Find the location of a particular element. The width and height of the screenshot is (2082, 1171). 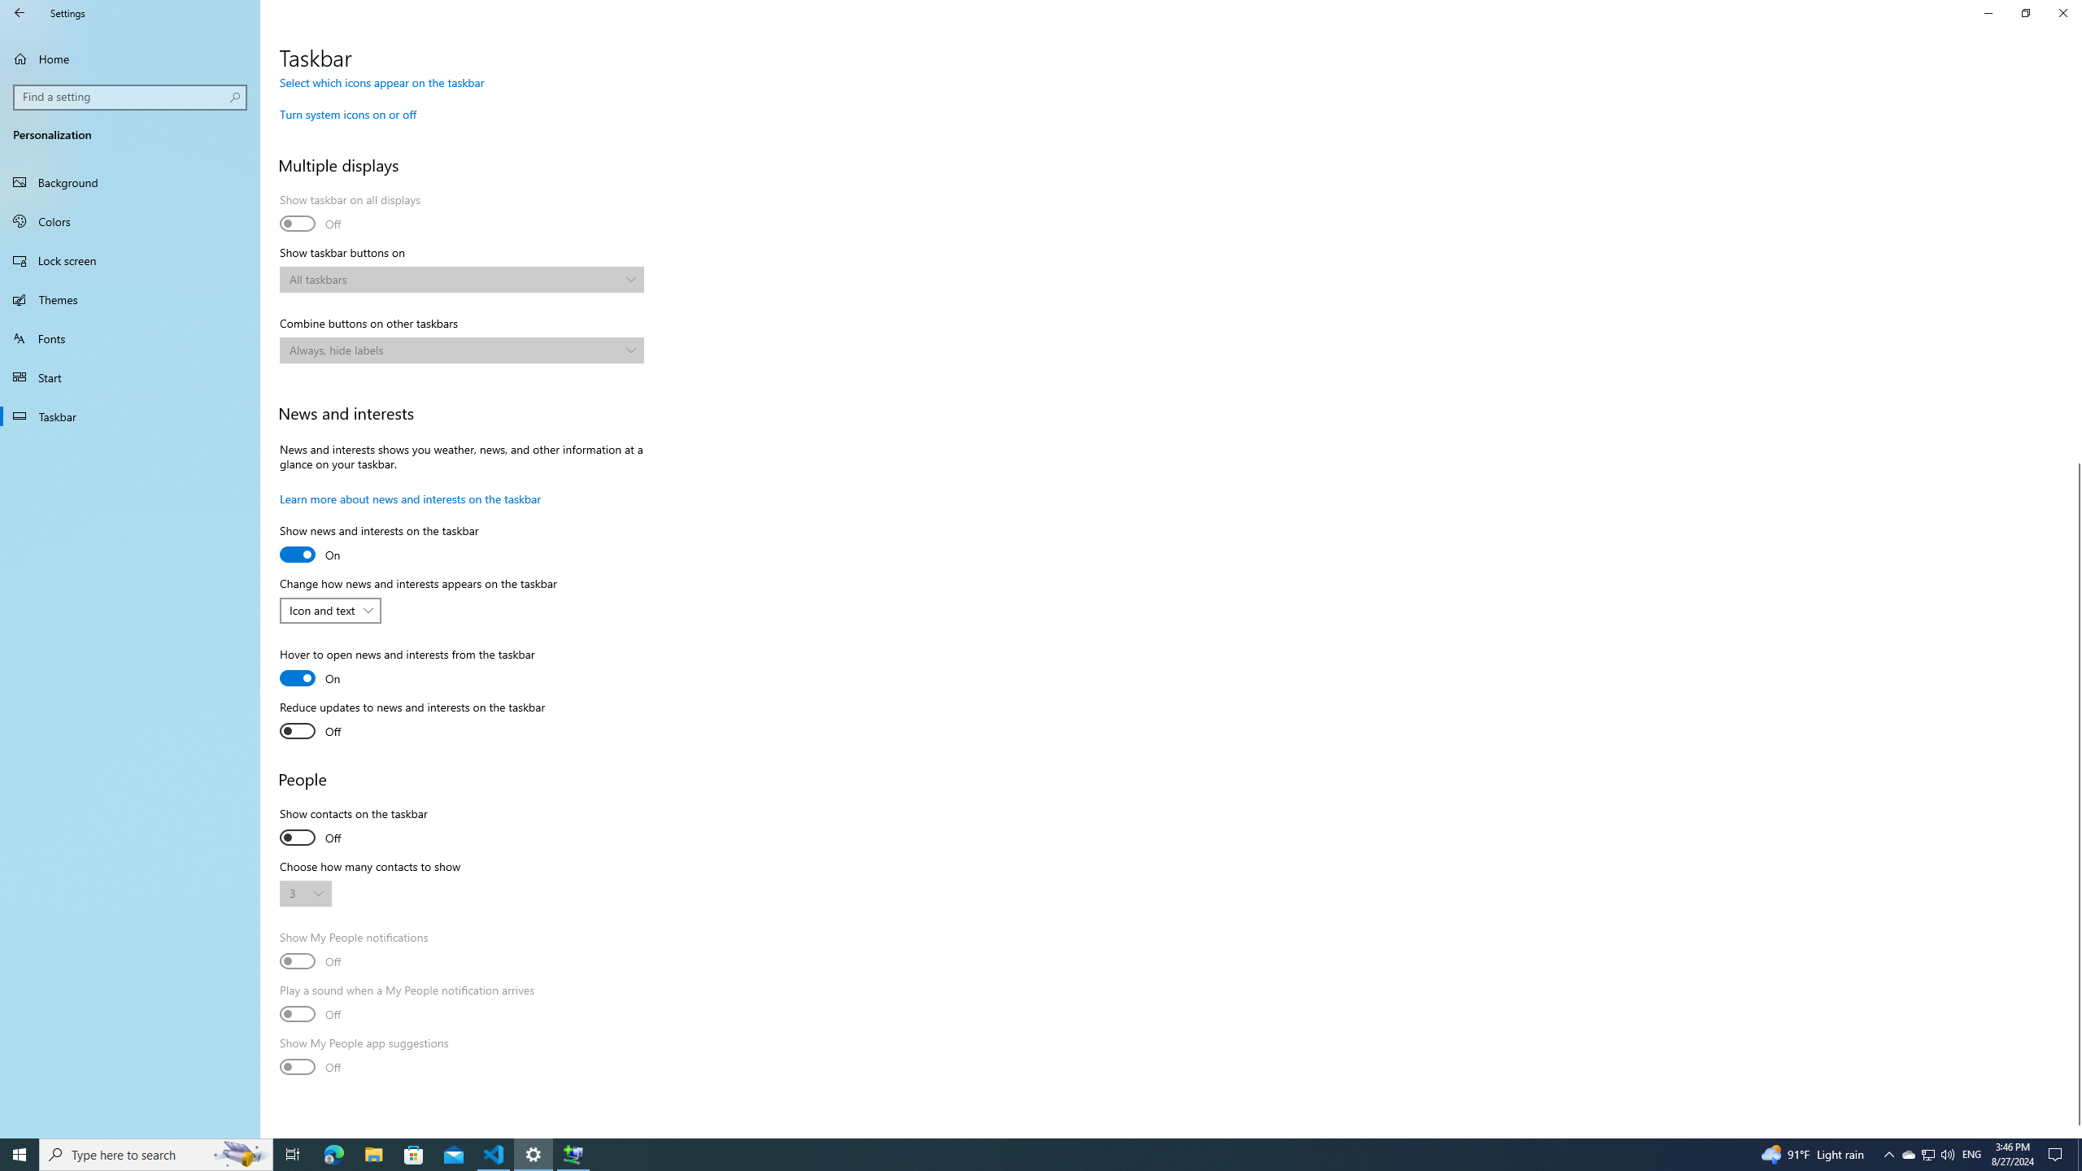

'Colors' is located at coordinates (129, 220).